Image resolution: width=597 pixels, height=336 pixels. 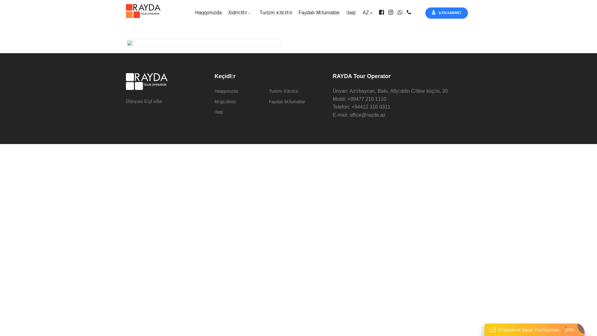 I want to click on 'Whatsapp', so click(x=397, y=12).